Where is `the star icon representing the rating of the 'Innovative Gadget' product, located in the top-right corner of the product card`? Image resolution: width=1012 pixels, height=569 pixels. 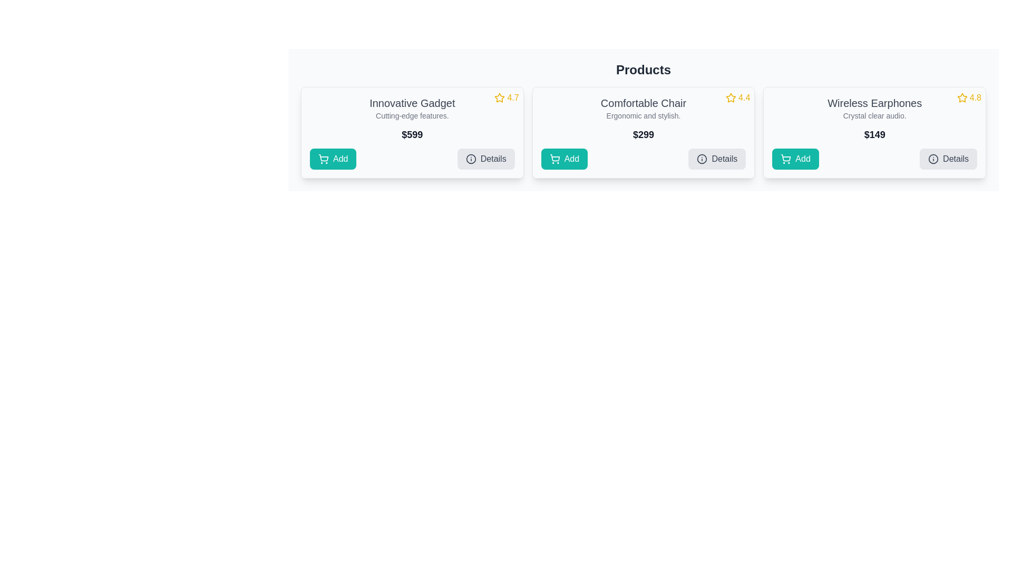 the star icon representing the rating of the 'Innovative Gadget' product, located in the top-right corner of the product card is located at coordinates (499, 97).